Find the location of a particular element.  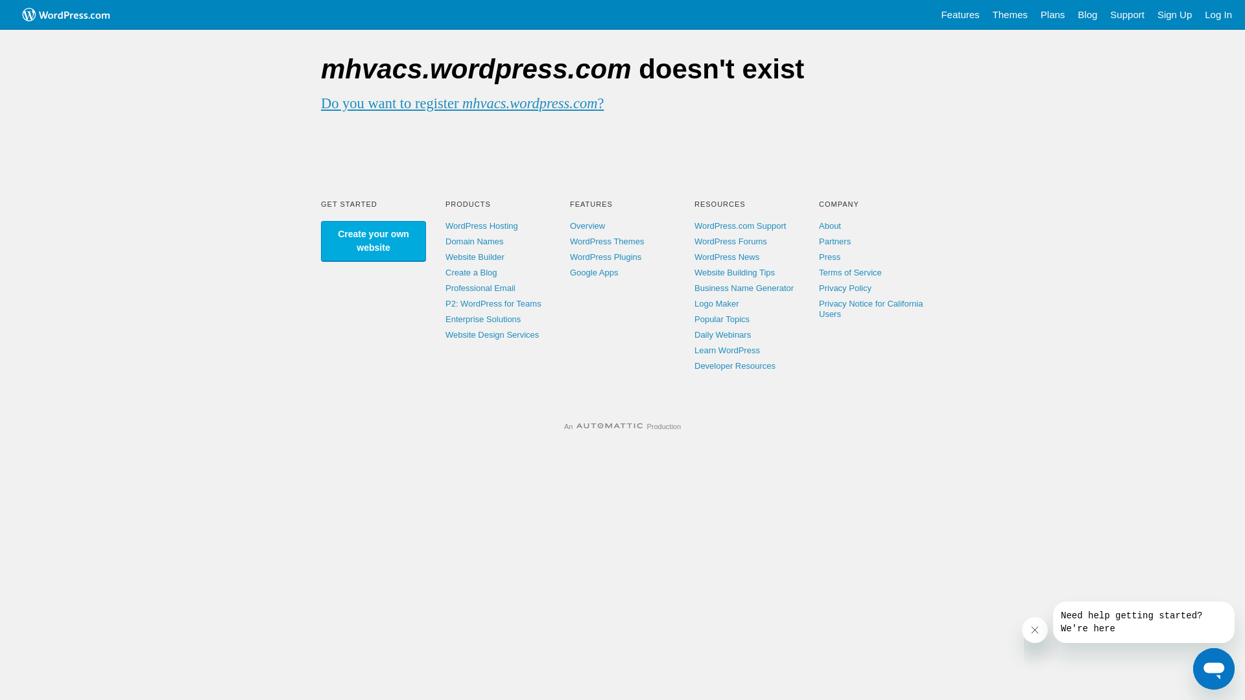

'Partners' is located at coordinates (835, 241).